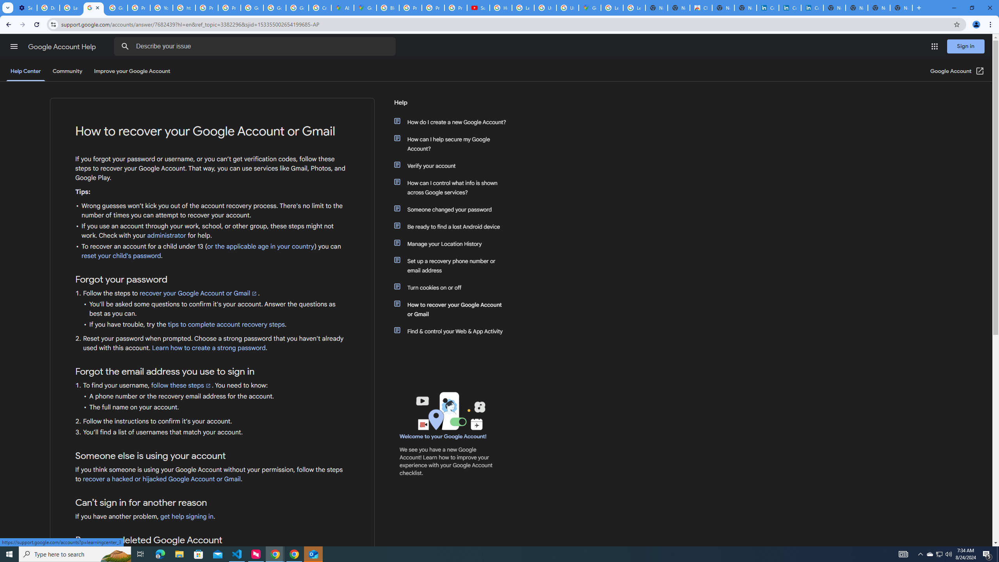 The height and width of the screenshot is (562, 999). I want to click on 'Chrome Web Store', so click(700, 7).